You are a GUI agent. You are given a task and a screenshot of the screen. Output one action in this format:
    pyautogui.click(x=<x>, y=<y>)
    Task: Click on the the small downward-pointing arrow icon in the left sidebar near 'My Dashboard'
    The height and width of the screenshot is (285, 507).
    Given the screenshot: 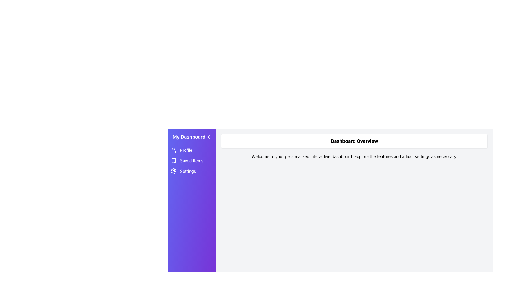 What is the action you would take?
    pyautogui.click(x=208, y=137)
    